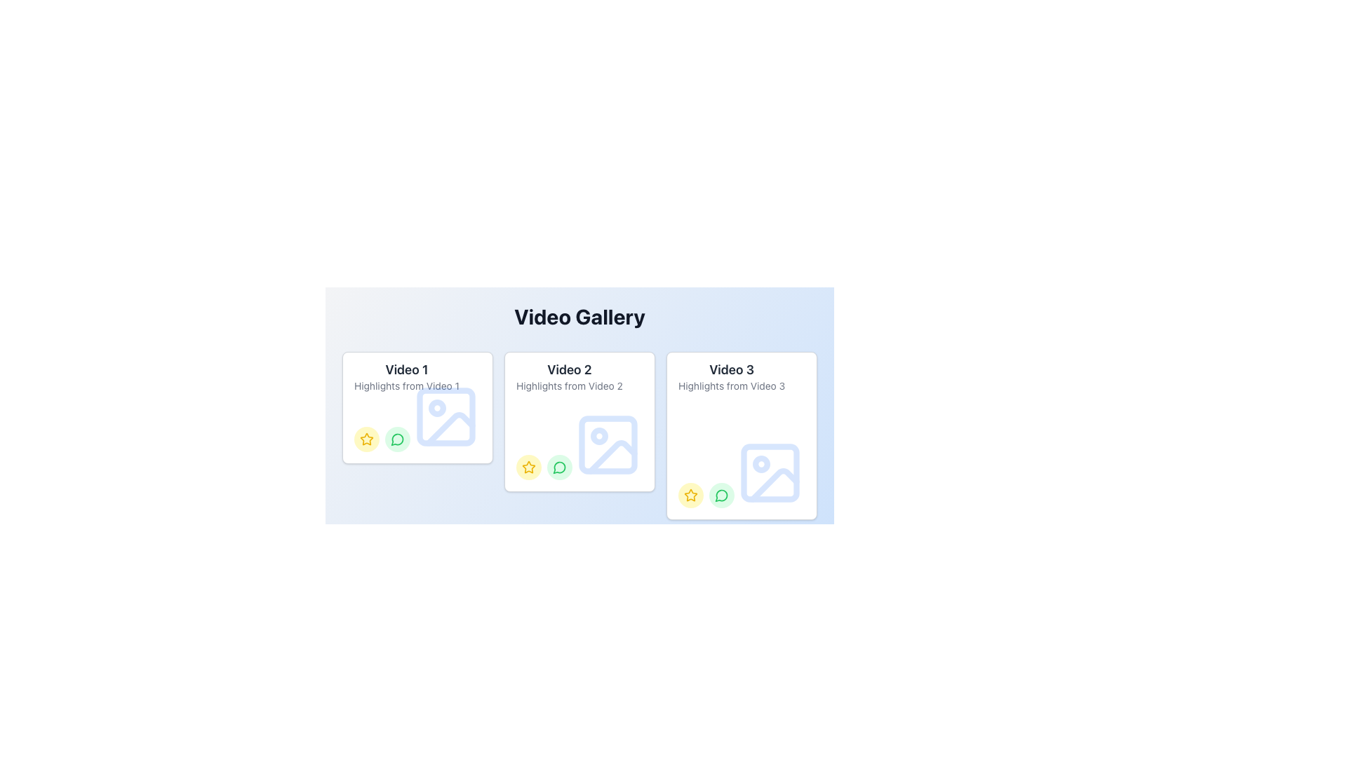 The width and height of the screenshot is (1347, 757). Describe the element at coordinates (445, 416) in the screenshot. I see `the graphic icon resembling a picture frame located in the bottom-right corner of the Video 1 card for interactions` at that location.